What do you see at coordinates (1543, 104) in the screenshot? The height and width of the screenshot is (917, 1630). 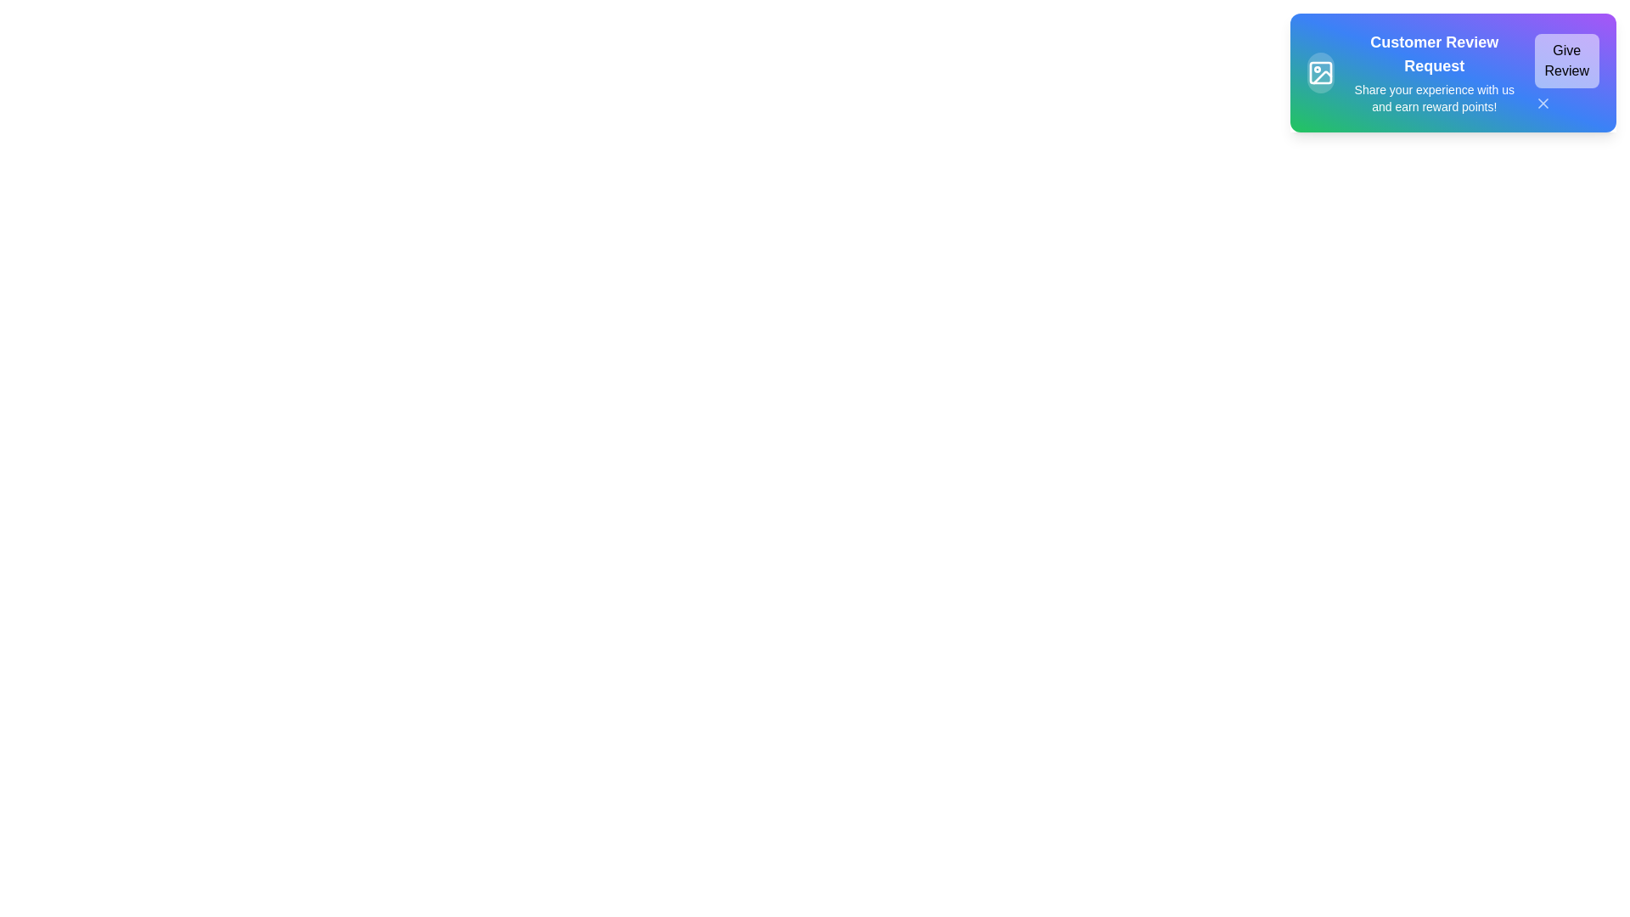 I see `the close button to observe hover effects` at bounding box center [1543, 104].